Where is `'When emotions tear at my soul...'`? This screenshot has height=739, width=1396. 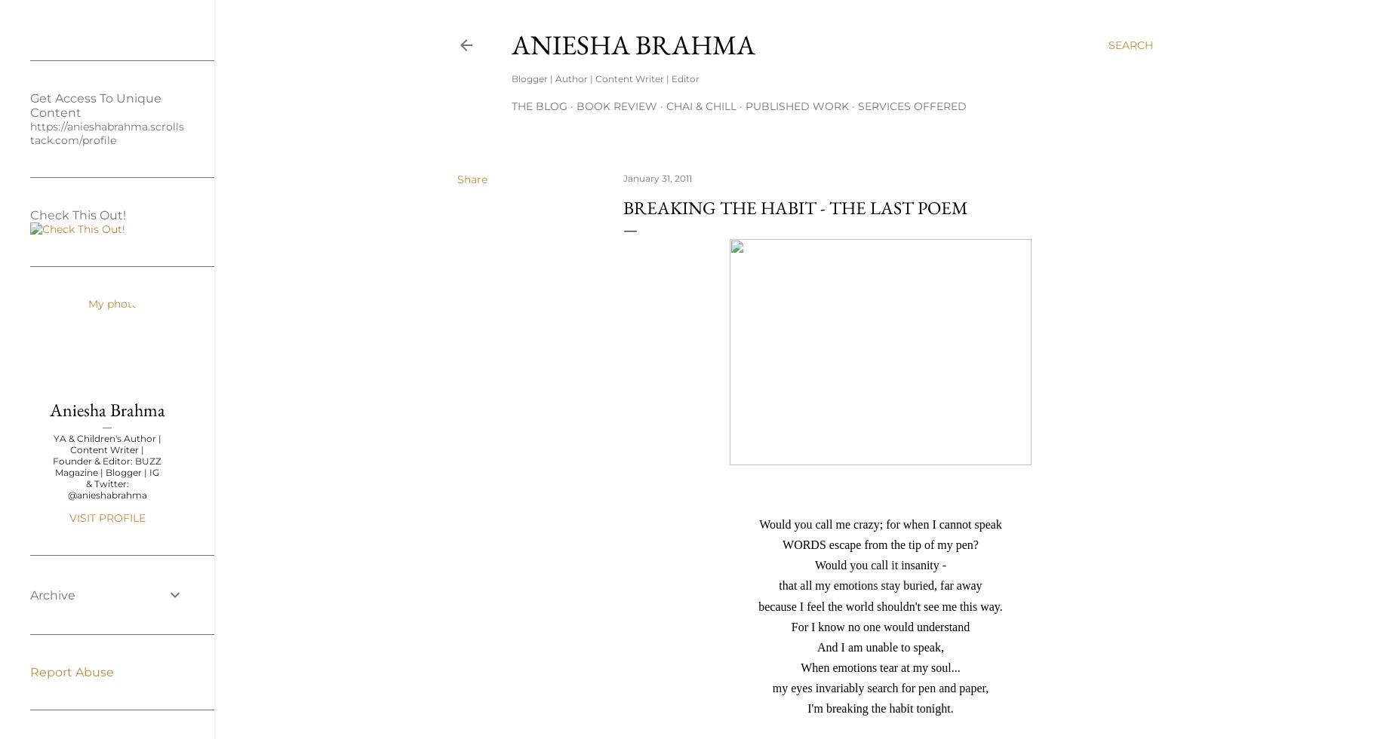
'When emotions tear at my soul...' is located at coordinates (879, 667).